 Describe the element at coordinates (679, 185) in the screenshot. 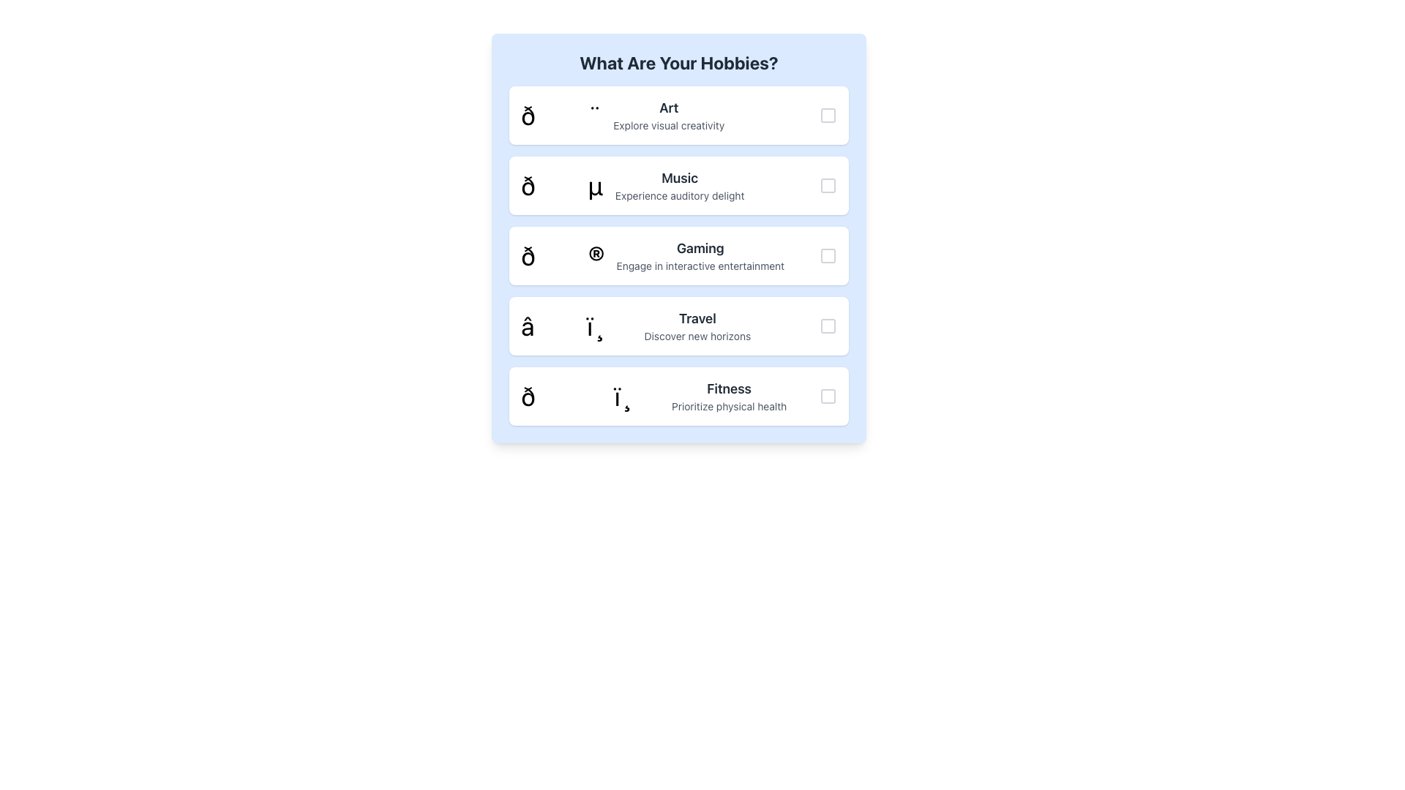

I see `the 'Music' text label that displays 'Experience auditory delight' in the second row of the hobby options list` at that location.